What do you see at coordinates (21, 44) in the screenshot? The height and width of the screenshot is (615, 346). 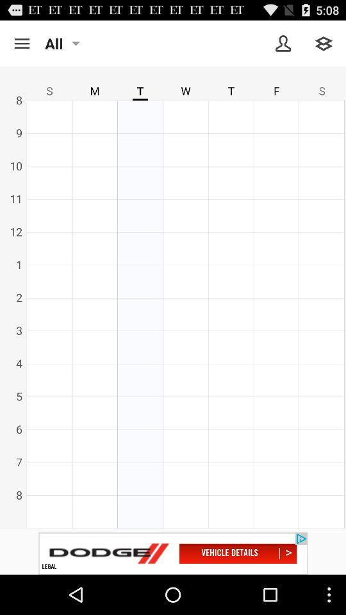 I see `app option` at bounding box center [21, 44].